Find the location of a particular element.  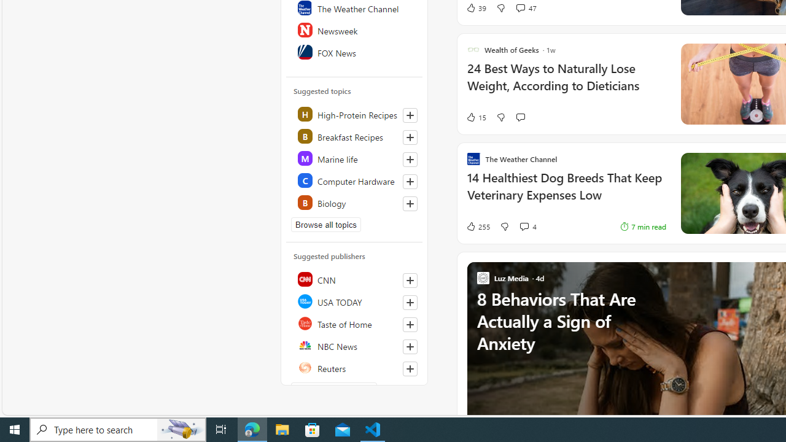

'Browse all topics' is located at coordinates (326, 225).